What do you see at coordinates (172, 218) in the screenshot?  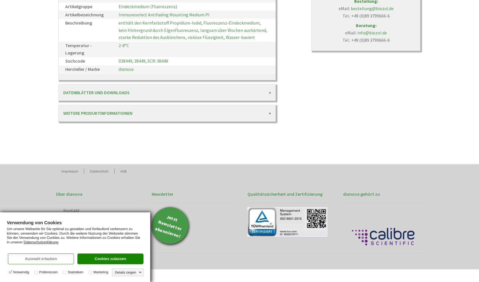 I see `'Jetzt'` at bounding box center [172, 218].